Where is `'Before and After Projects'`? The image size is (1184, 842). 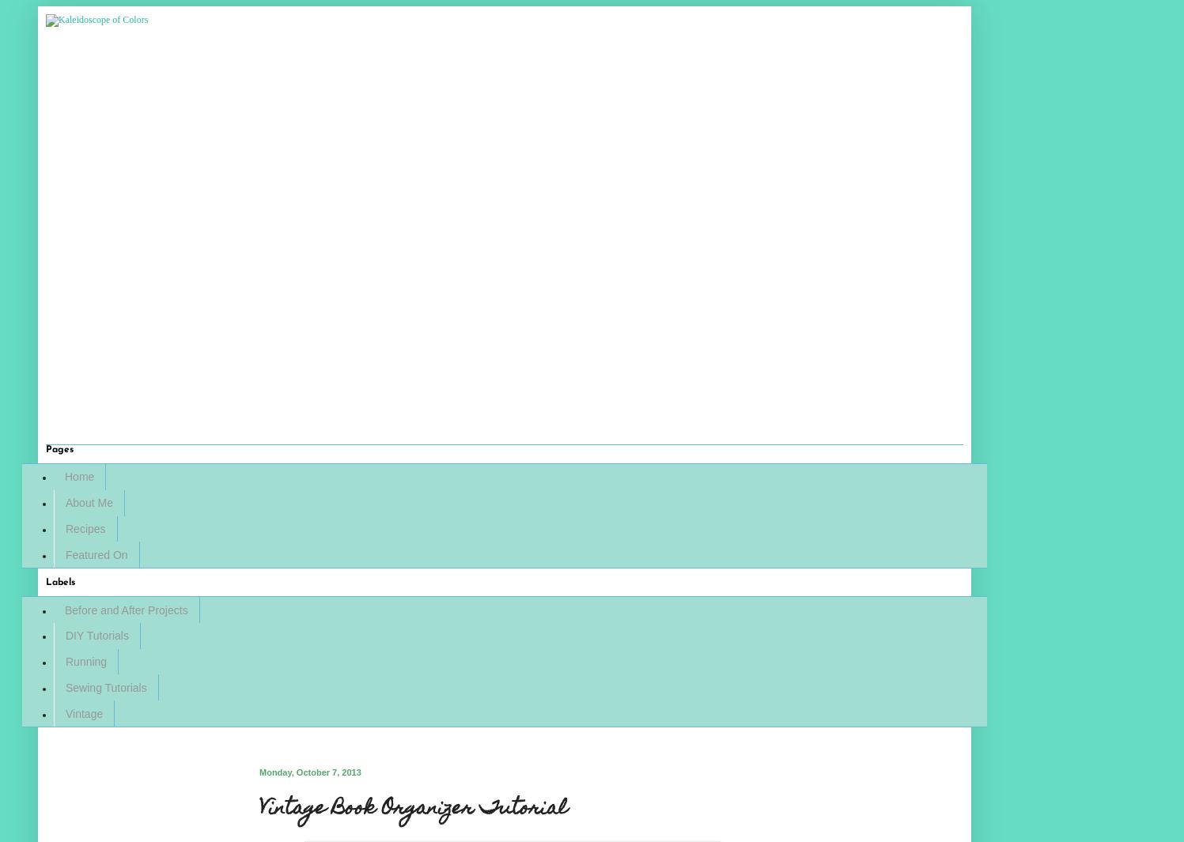
'Before and After Projects' is located at coordinates (125, 609).